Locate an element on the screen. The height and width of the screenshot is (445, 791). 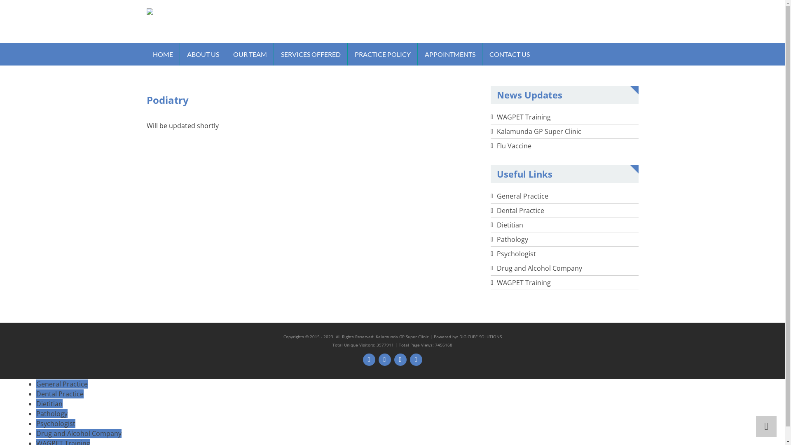
'SERVICES OFFERED' is located at coordinates (310, 54).